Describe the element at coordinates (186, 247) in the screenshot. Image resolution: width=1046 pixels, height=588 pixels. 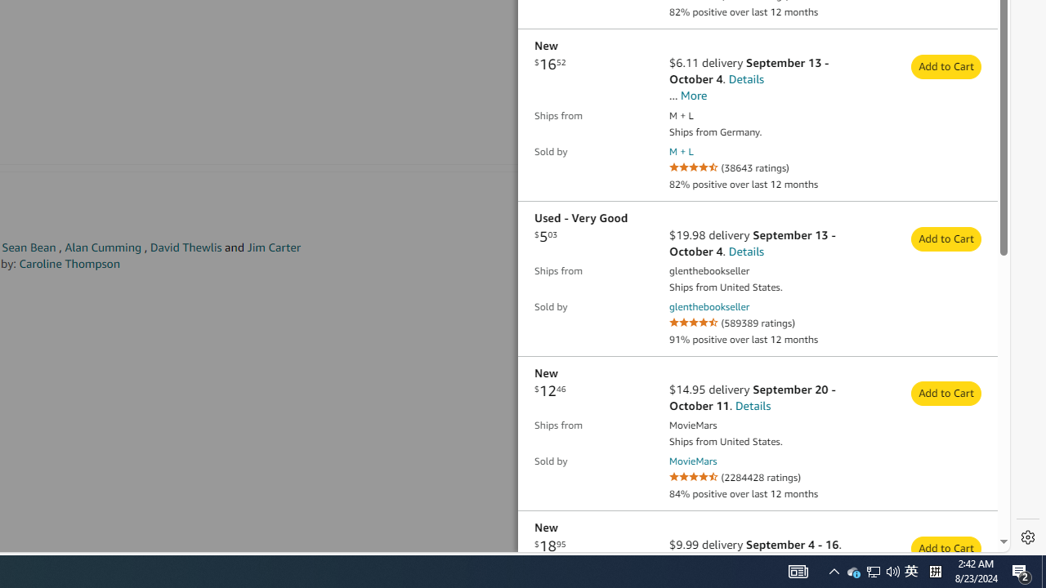
I see `'David Thewlis'` at that location.